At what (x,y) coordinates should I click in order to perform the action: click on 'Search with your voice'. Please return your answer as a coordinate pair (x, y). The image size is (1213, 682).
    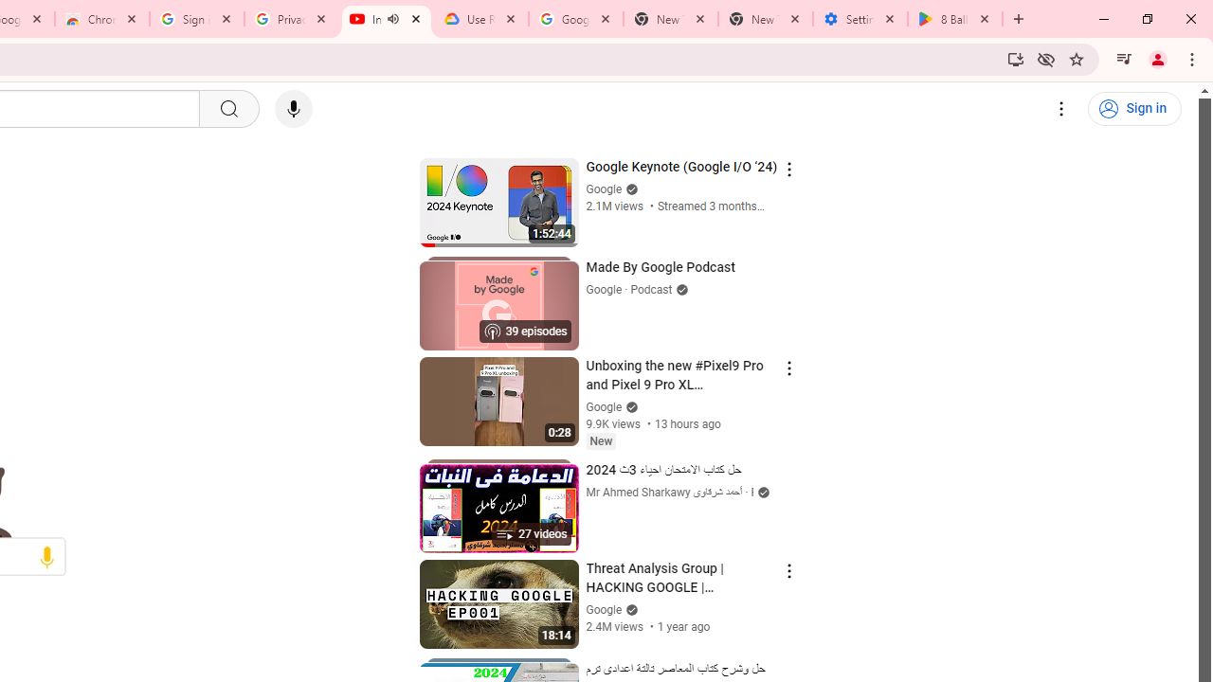
    Looking at the image, I should click on (292, 109).